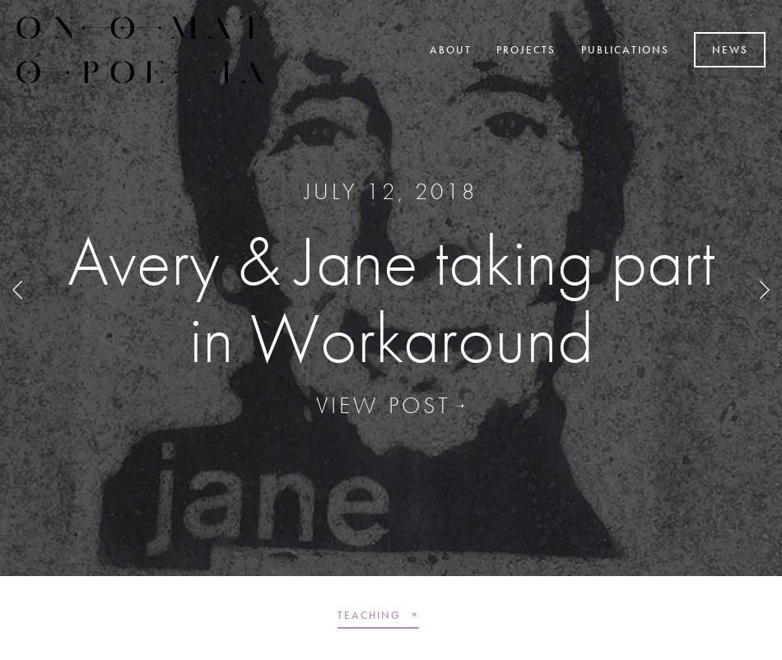 This screenshot has width=782, height=660. I want to click on 'Avery & Jane taking part in Workaround', so click(389, 297).